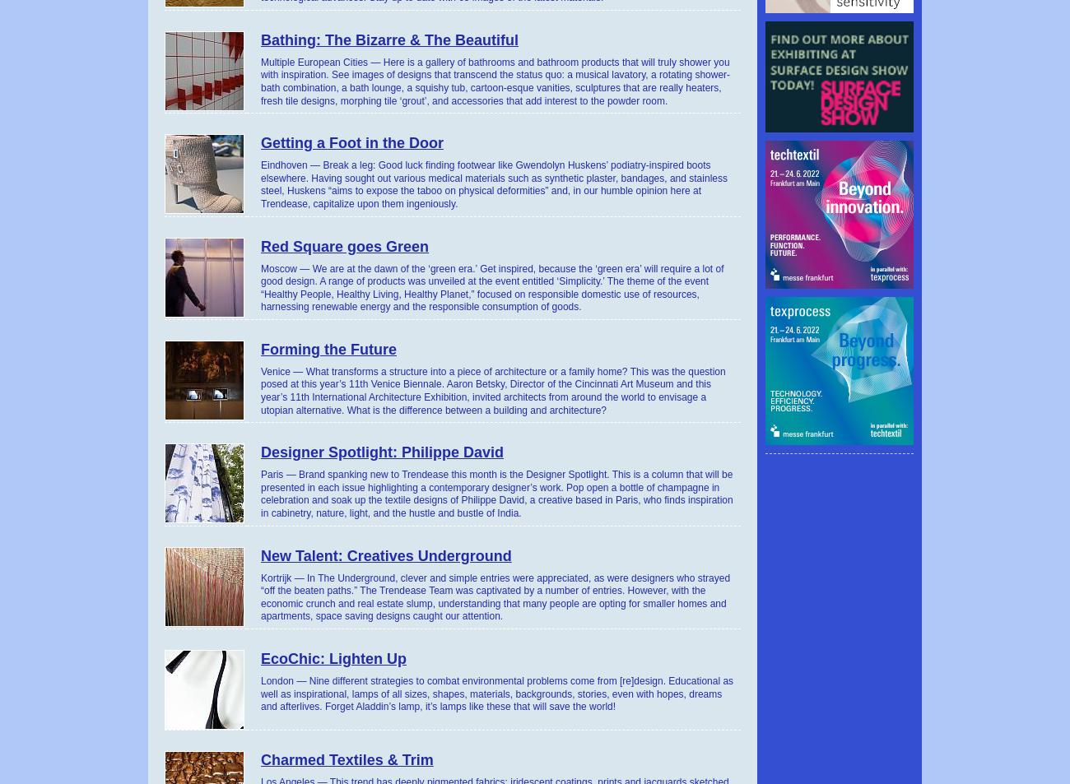 This screenshot has width=1070, height=784. I want to click on 'Bathing: The Bizarre & The Beautiful', so click(388, 39).